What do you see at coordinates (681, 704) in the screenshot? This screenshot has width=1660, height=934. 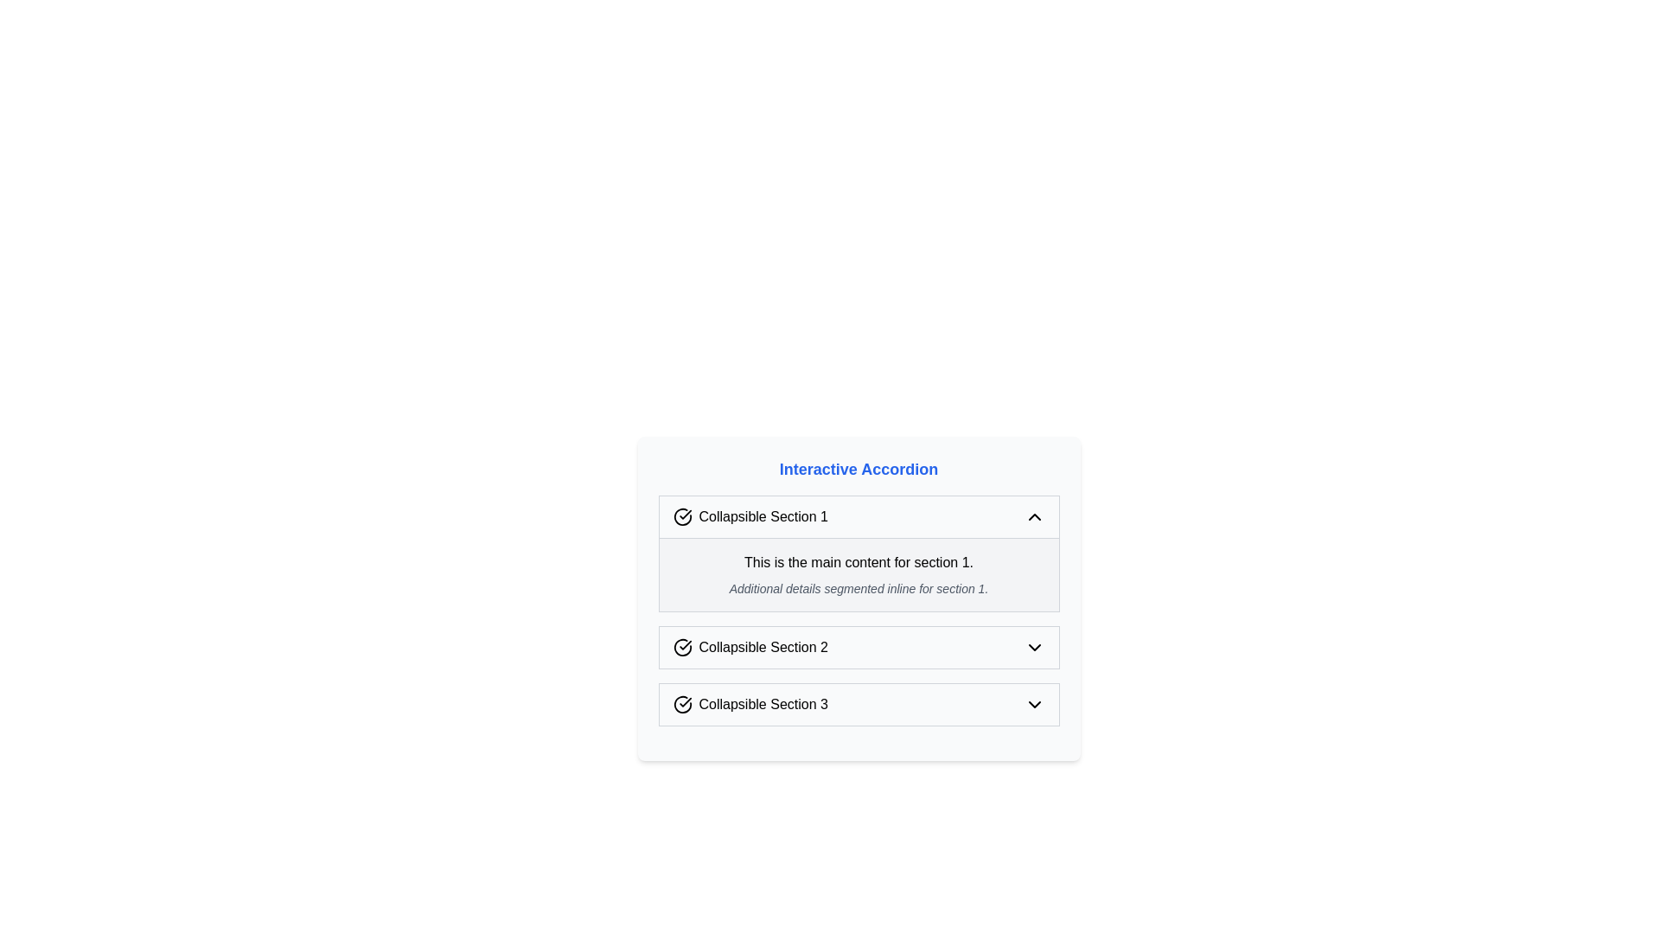 I see `the circular icon with a tick mark, located to the left of the 'Collapsible Section 3' label, which is the last section in the accordion component` at bounding box center [681, 704].